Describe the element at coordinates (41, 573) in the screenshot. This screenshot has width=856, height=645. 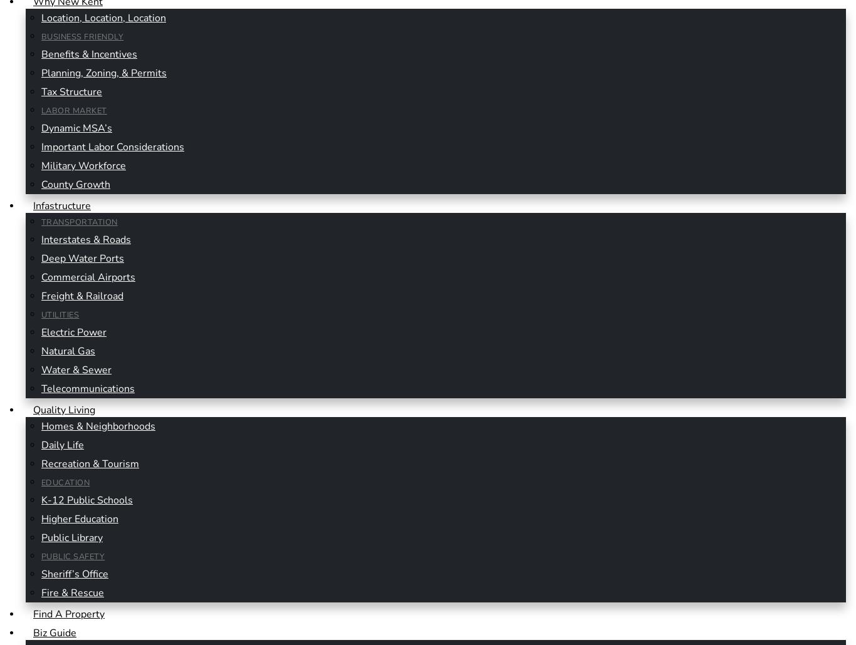
I see `'Sheriff’s Office'` at that location.